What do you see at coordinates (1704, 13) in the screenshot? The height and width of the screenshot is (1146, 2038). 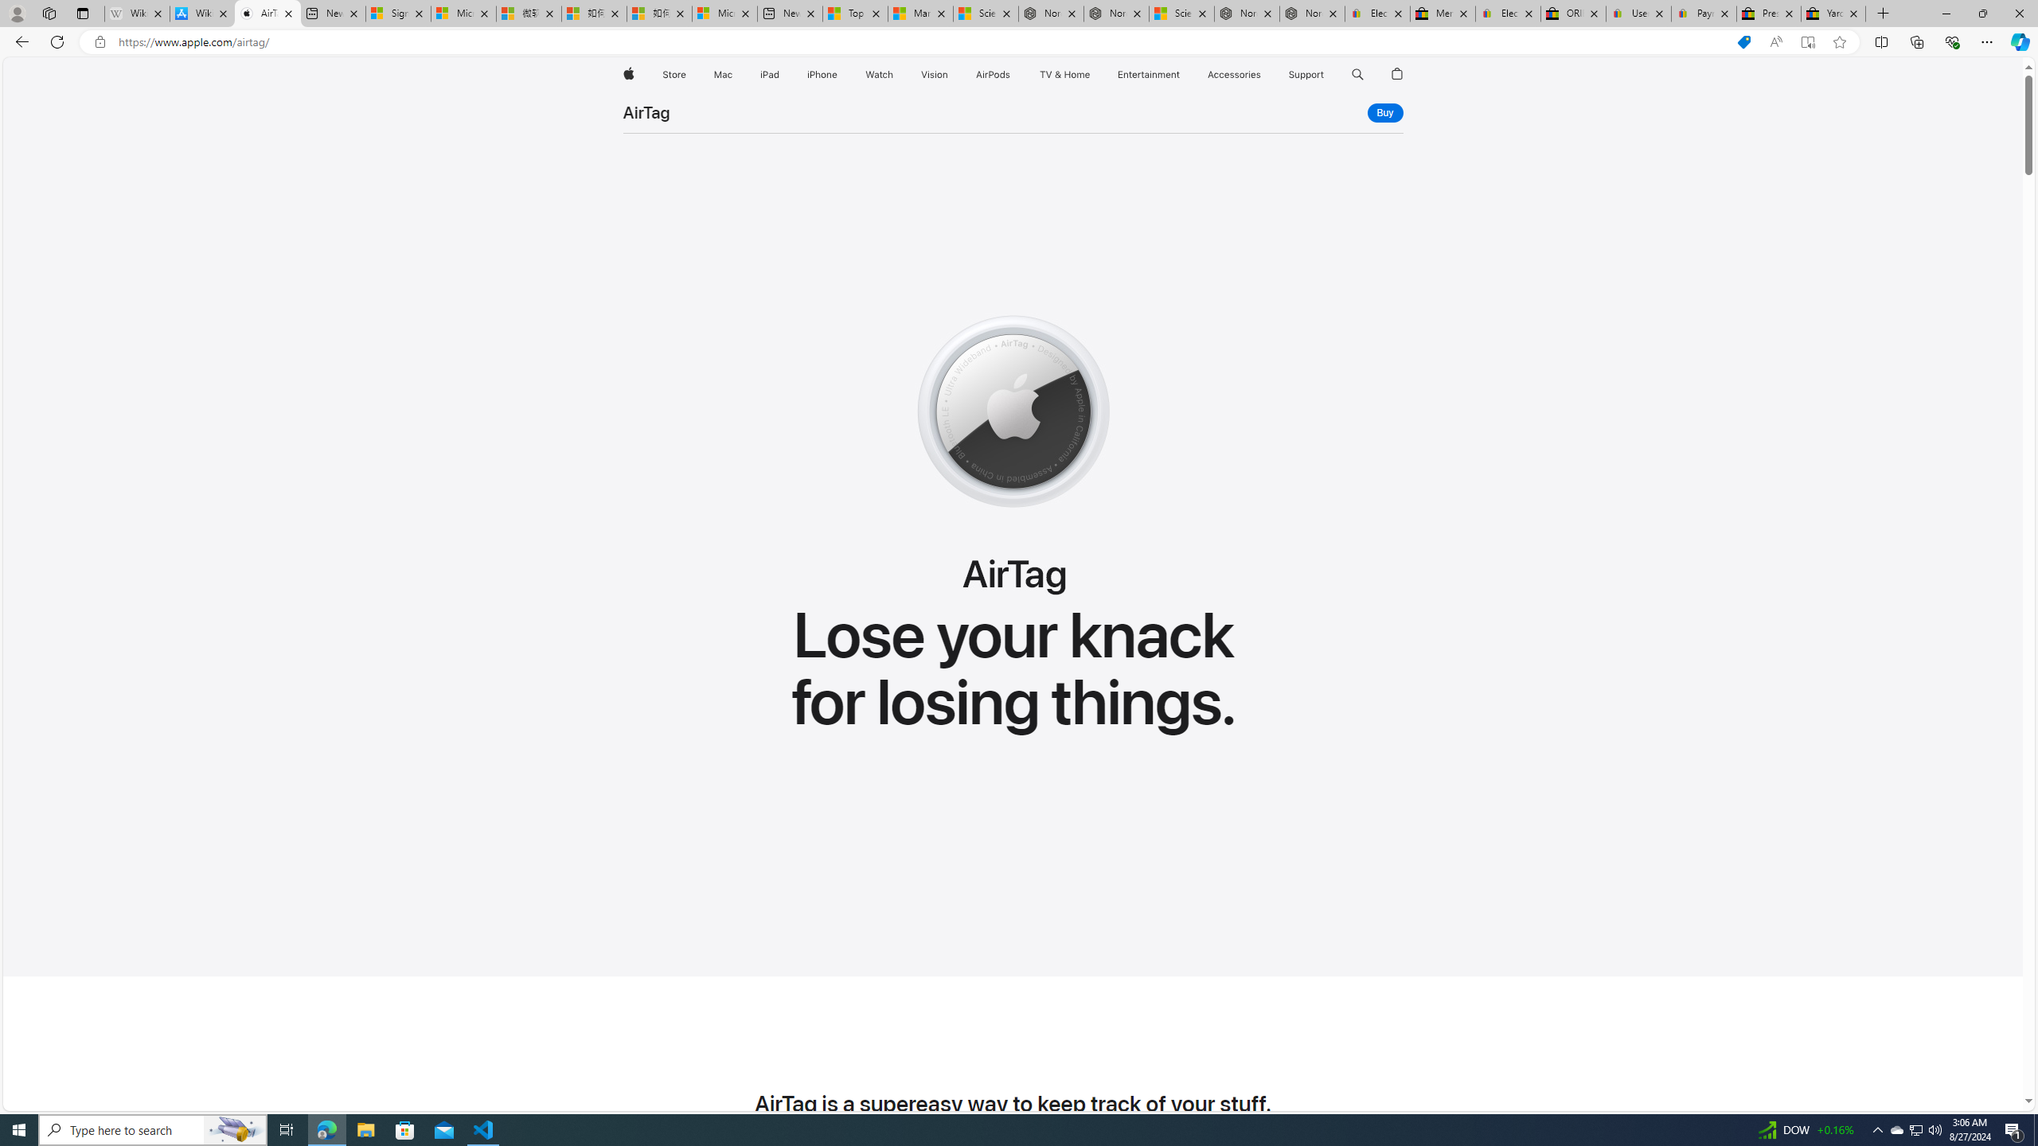 I see `'Payments Terms of Use | eBay.com'` at bounding box center [1704, 13].